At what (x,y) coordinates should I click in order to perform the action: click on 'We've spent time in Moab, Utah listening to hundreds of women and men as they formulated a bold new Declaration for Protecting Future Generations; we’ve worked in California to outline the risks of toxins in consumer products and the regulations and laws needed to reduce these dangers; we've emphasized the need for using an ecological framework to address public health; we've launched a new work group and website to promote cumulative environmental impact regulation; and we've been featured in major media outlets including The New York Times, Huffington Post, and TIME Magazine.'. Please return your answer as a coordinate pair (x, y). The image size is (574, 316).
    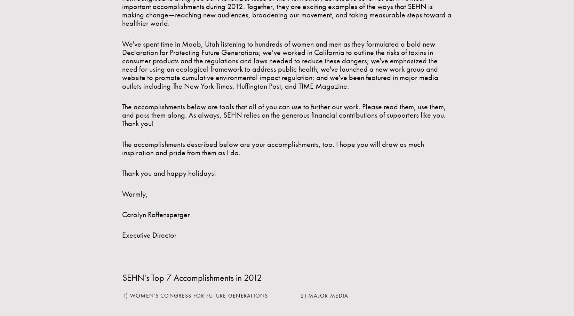
    Looking at the image, I should click on (280, 64).